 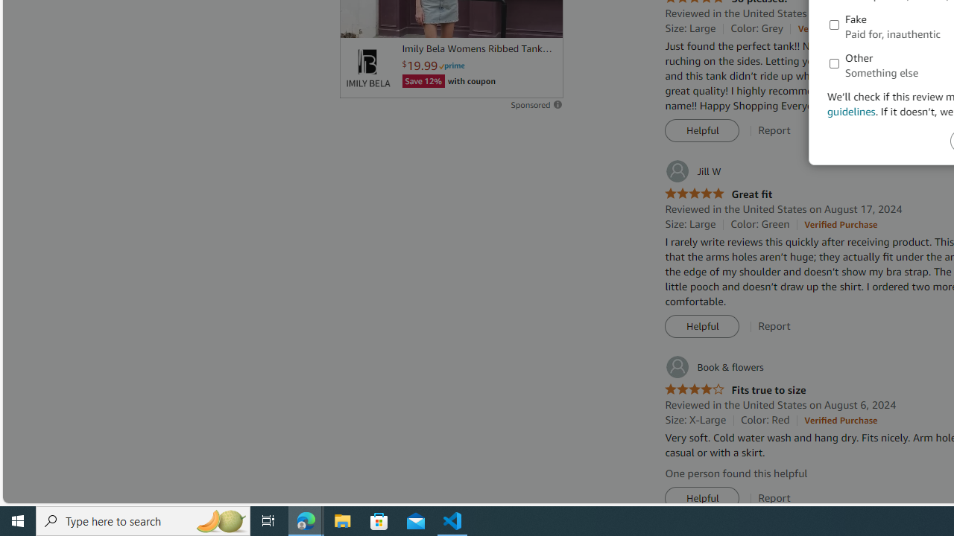 What do you see at coordinates (718, 194) in the screenshot?
I see `'5.0 out of 5 stars Great fit'` at bounding box center [718, 194].